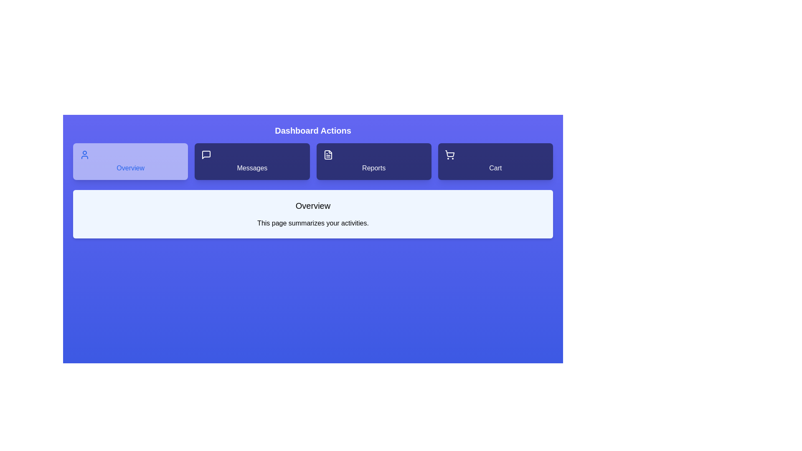  What do you see at coordinates (251, 161) in the screenshot?
I see `the tab labeled Messages to observe its hover effect` at bounding box center [251, 161].